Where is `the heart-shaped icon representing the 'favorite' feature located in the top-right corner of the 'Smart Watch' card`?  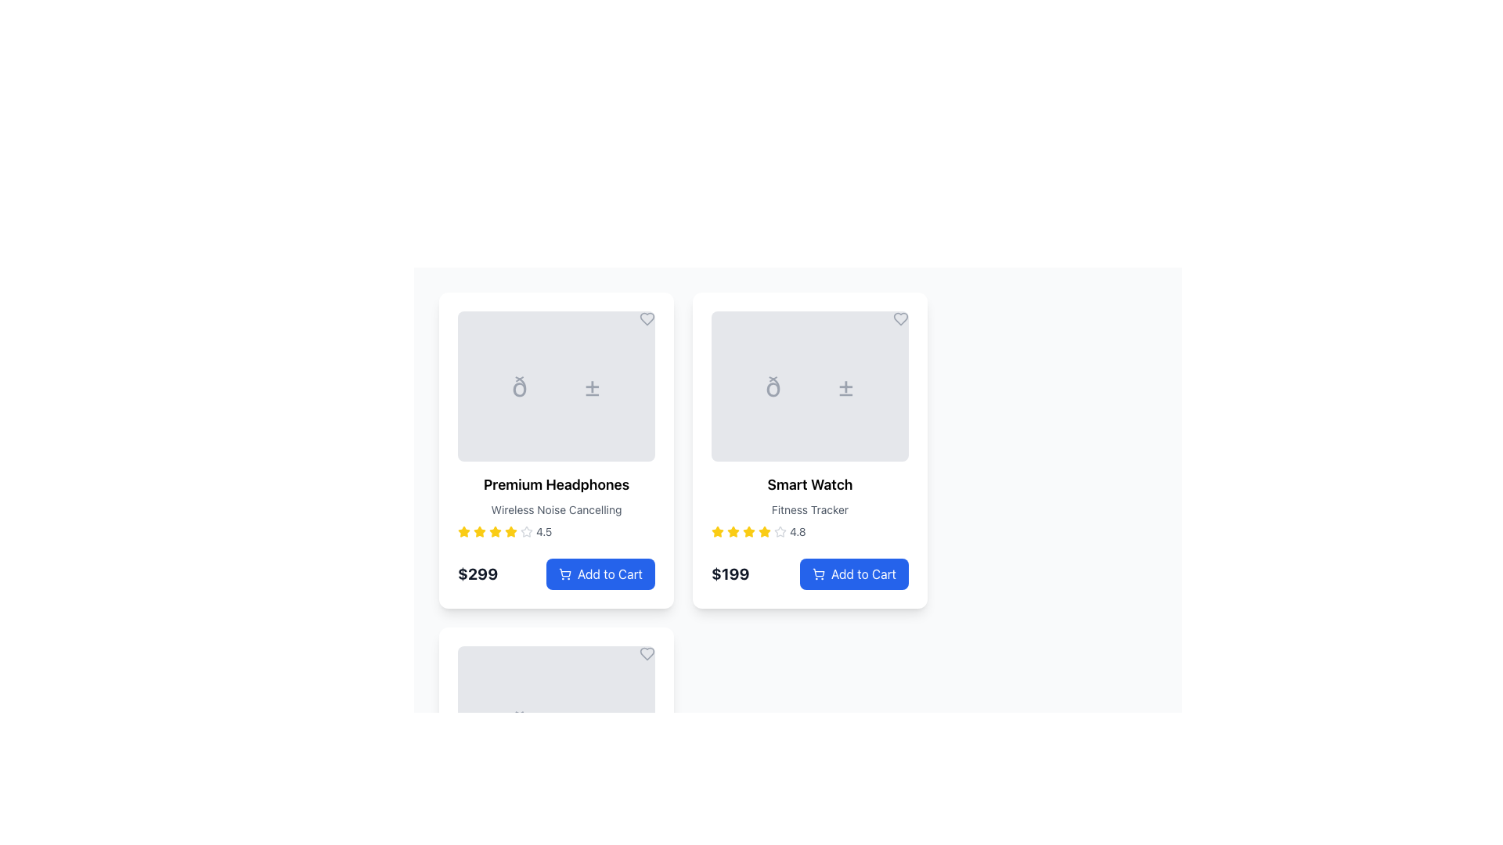
the heart-shaped icon representing the 'favorite' feature located in the top-right corner of the 'Smart Watch' card is located at coordinates (647, 318).